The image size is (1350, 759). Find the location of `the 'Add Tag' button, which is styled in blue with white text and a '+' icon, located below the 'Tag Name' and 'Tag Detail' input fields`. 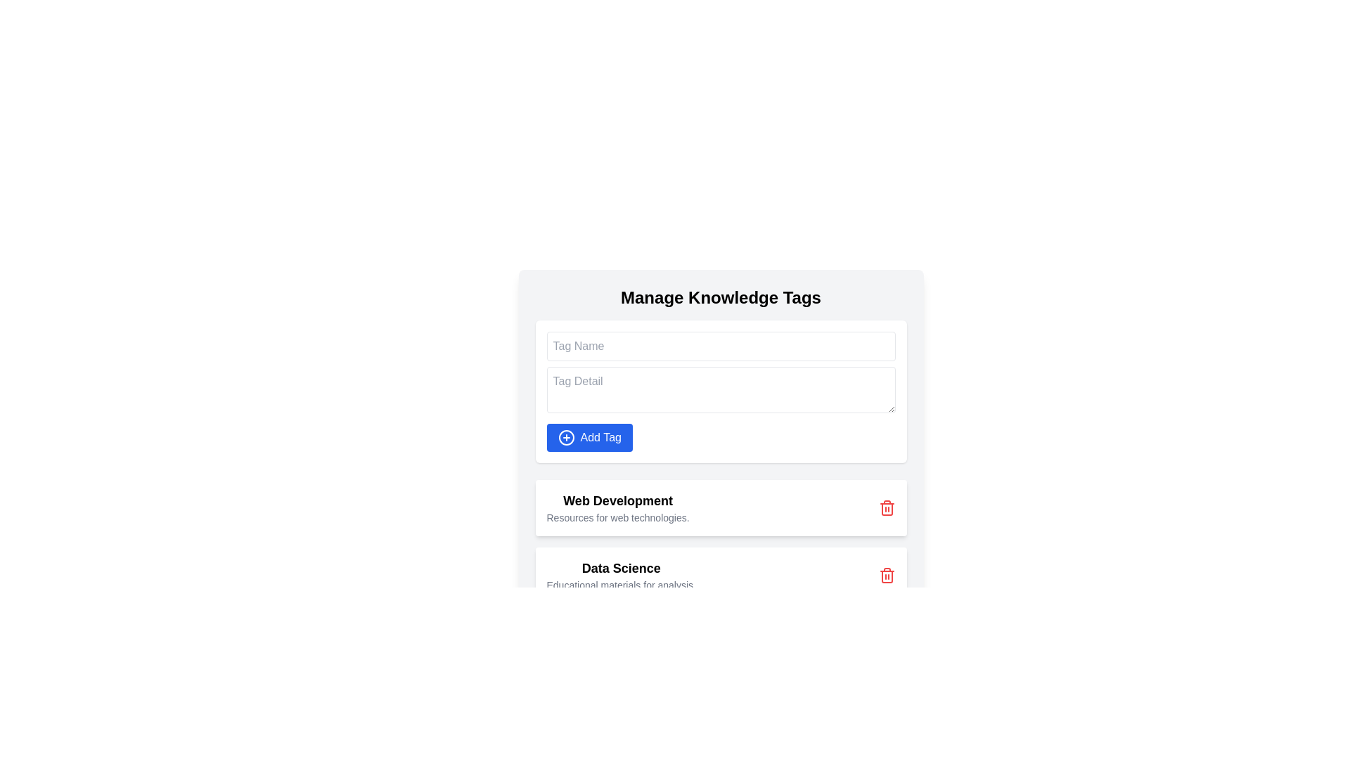

the 'Add Tag' button, which is styled in blue with white text and a '+' icon, located below the 'Tag Name' and 'Tag Detail' input fields is located at coordinates (589, 437).